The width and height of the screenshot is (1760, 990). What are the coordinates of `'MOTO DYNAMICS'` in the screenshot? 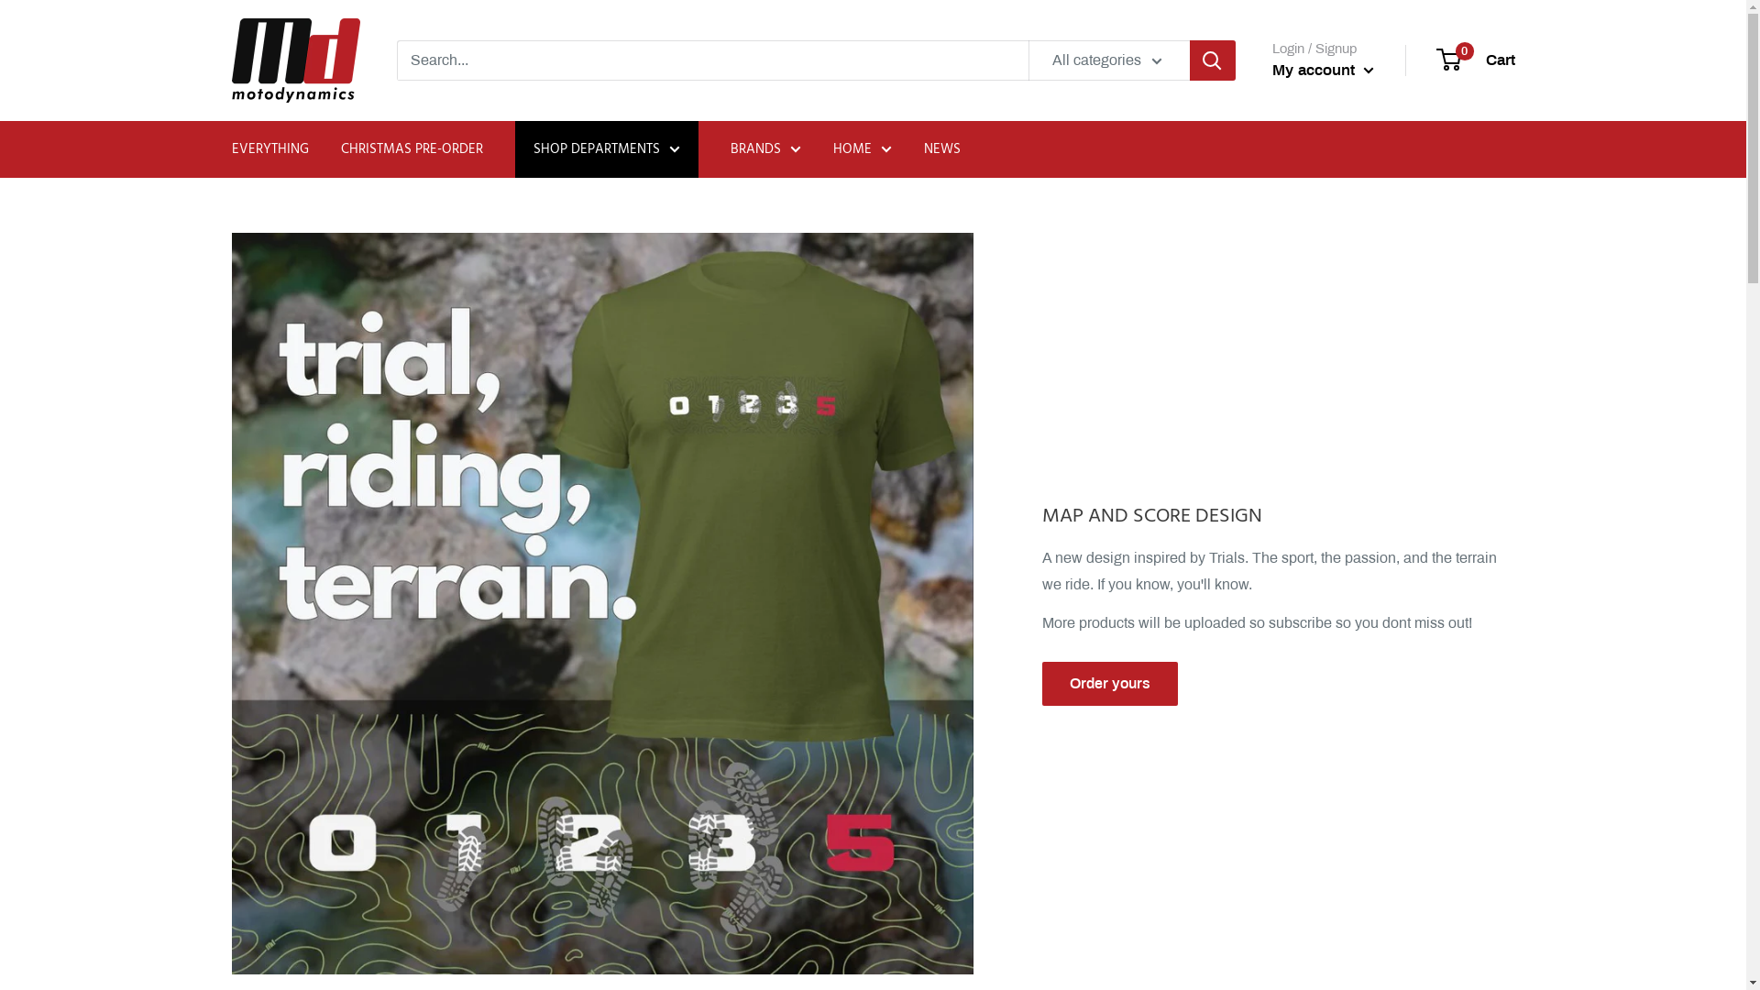 It's located at (294, 59).